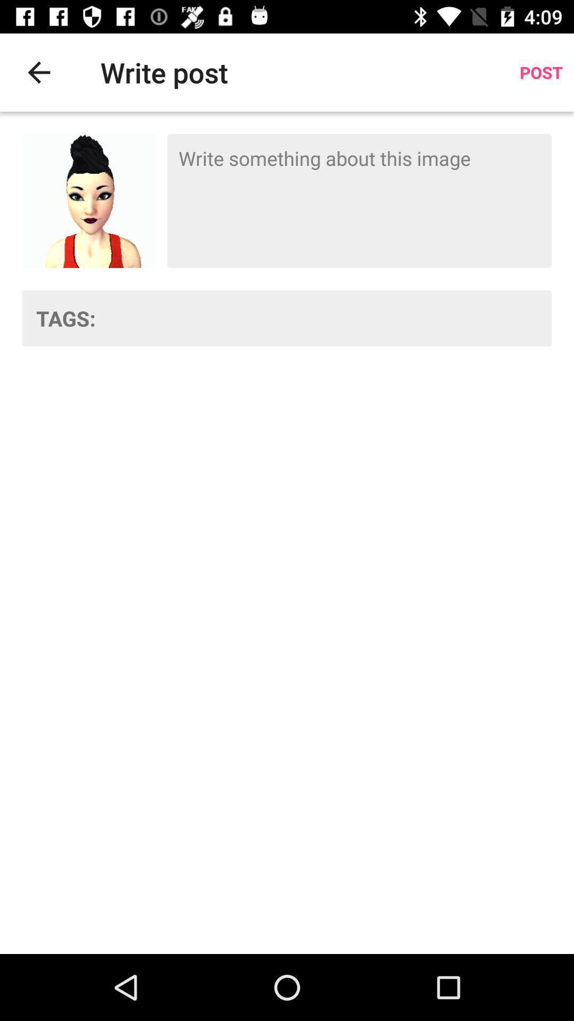  What do you see at coordinates (359, 201) in the screenshot?
I see `the item below the post` at bounding box center [359, 201].